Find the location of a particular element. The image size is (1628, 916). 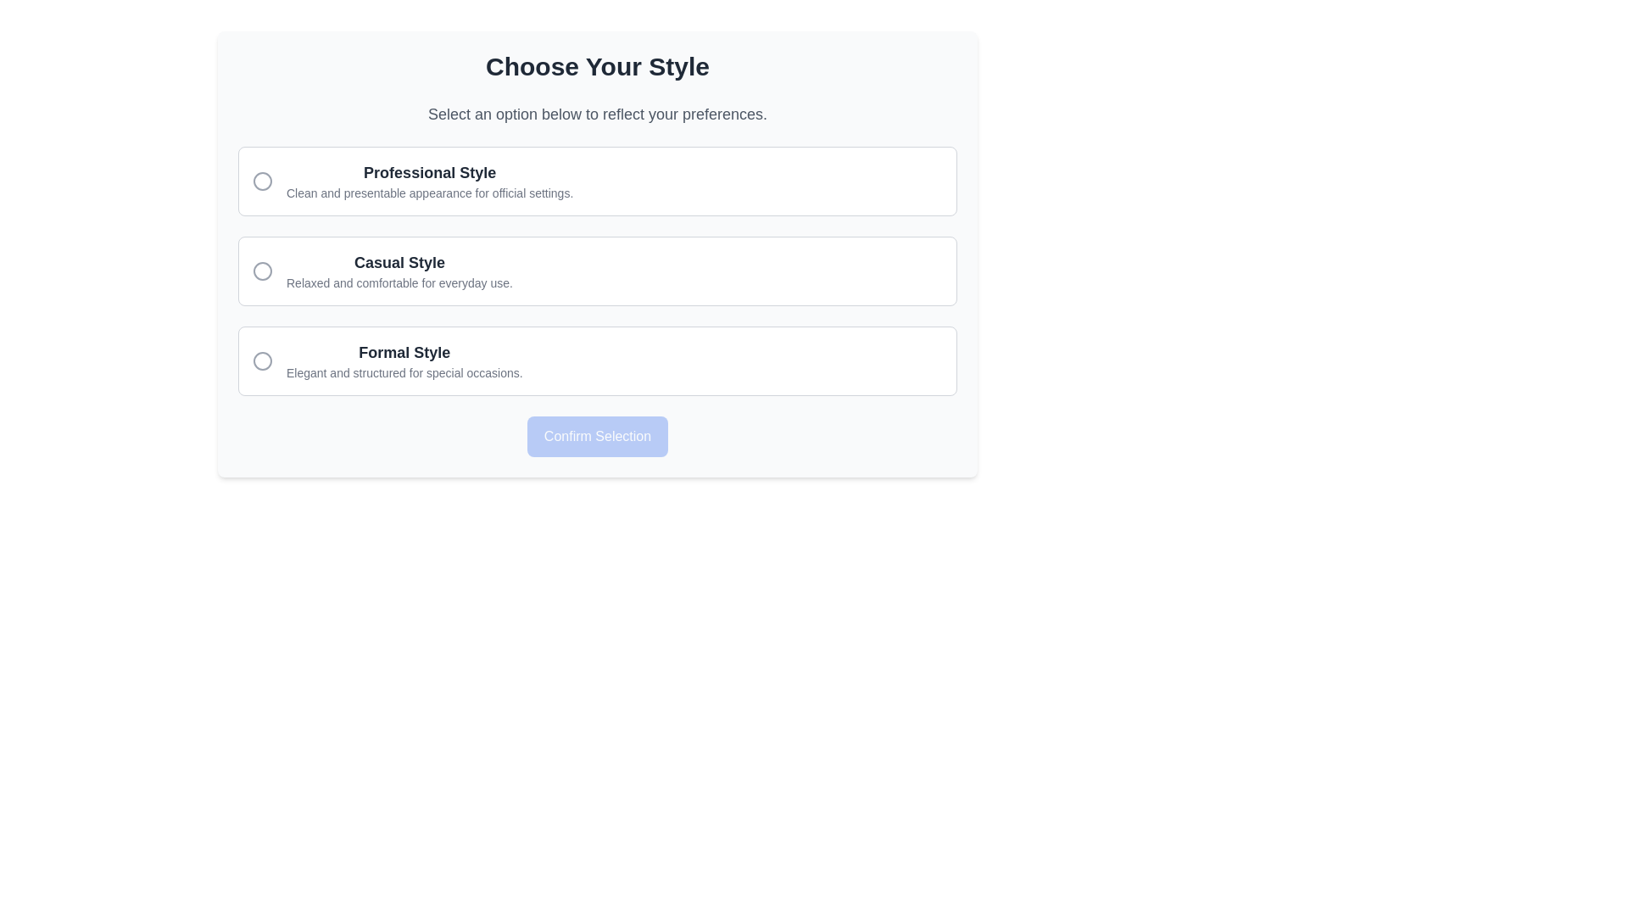

the Text Label providing context for the 'Formal Style' selection, located beneath the bold label within a styled choice card is located at coordinates (404, 371).